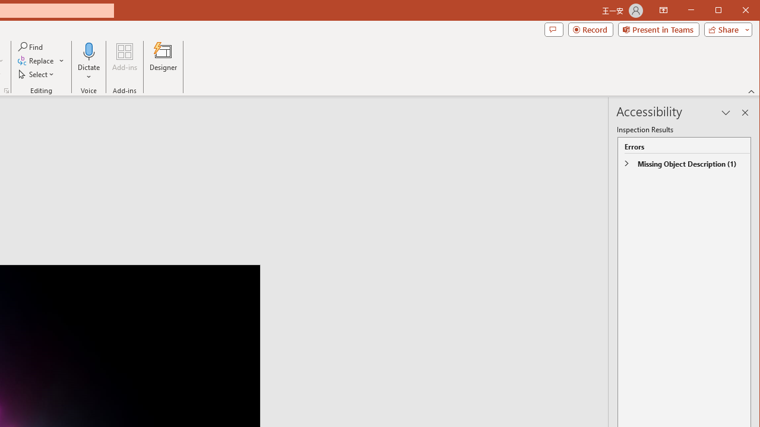 The image size is (760, 427). Describe the element at coordinates (31, 46) in the screenshot. I see `'Find...'` at that location.